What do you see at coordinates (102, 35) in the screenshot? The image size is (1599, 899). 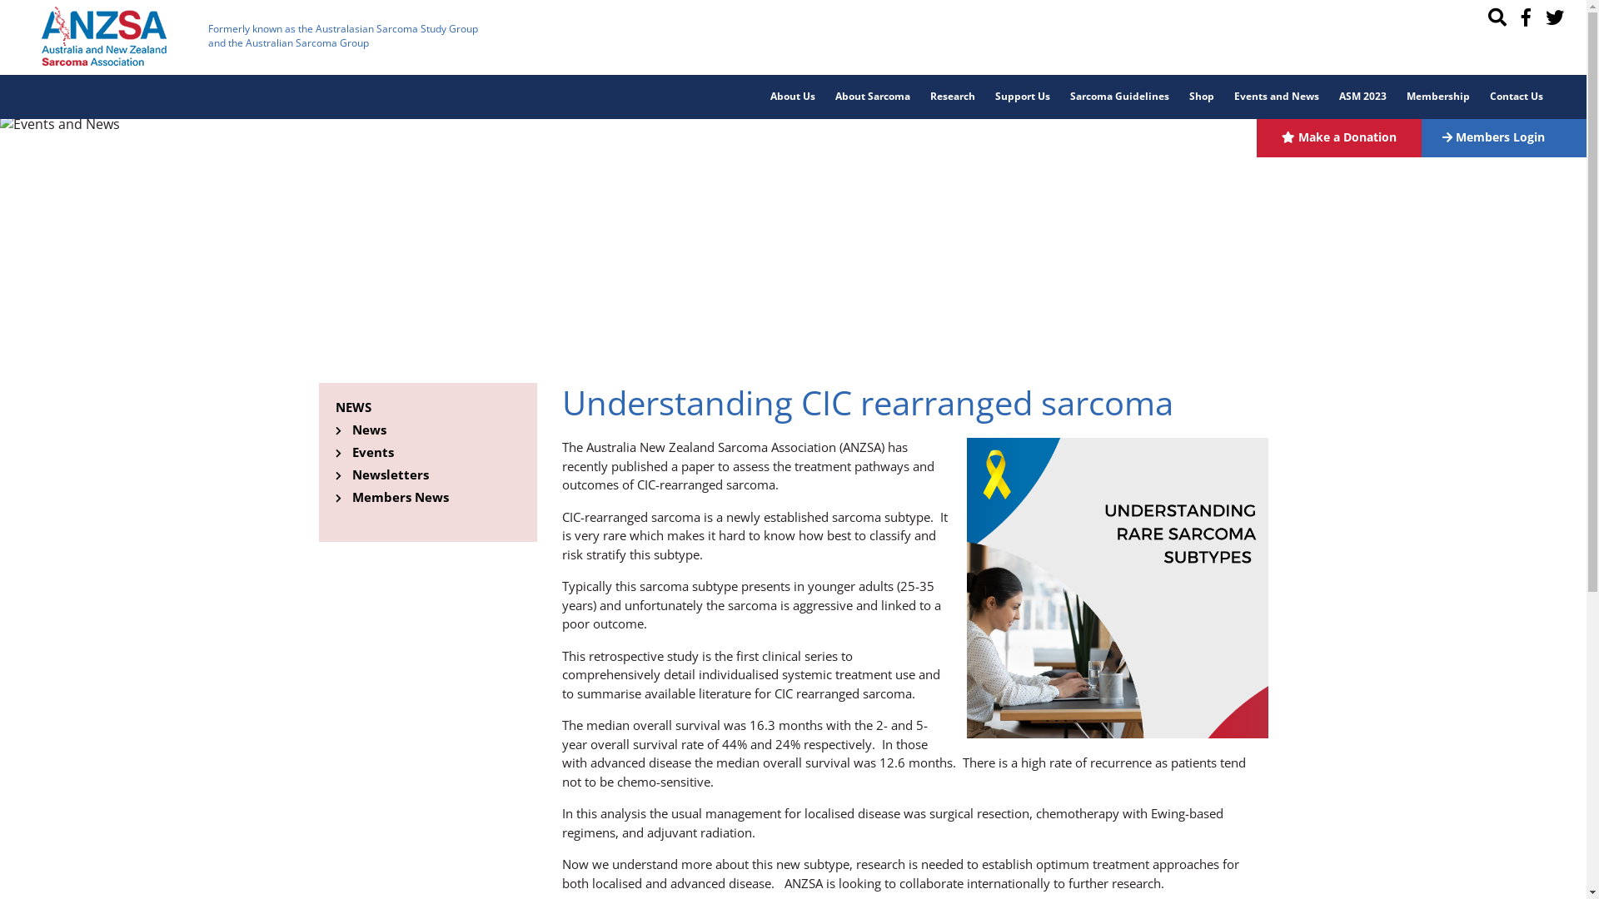 I see `'Australia and New Zealand Sarcoma Association'` at bounding box center [102, 35].